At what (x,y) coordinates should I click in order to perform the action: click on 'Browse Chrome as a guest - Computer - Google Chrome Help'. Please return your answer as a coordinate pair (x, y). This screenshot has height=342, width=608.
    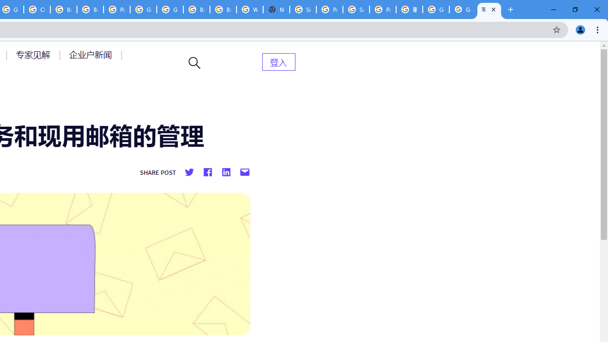
    Looking at the image, I should click on (222, 9).